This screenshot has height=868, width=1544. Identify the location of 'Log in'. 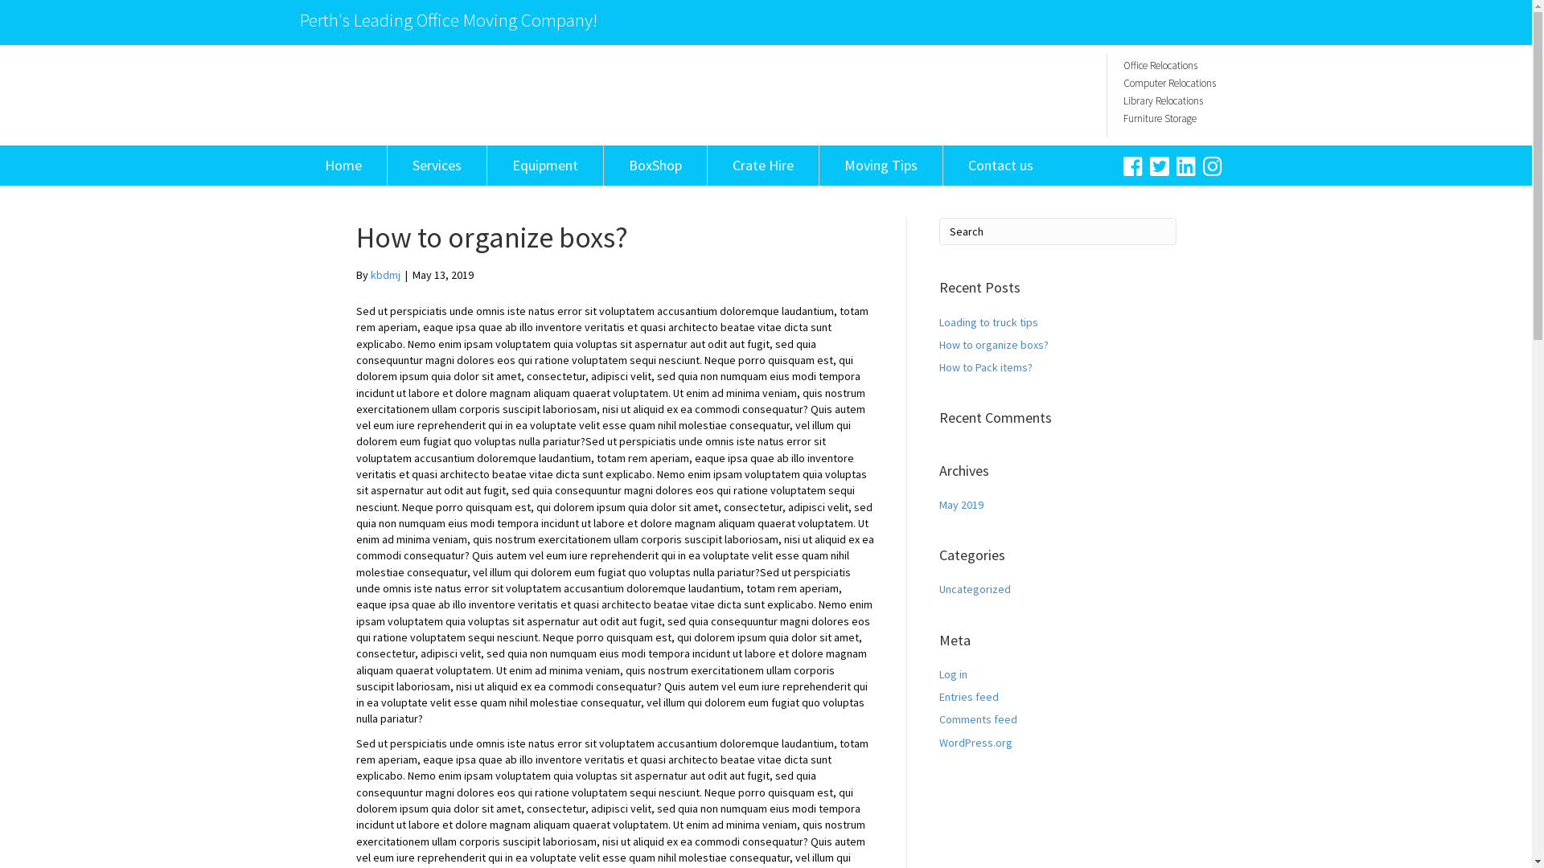
(953, 674).